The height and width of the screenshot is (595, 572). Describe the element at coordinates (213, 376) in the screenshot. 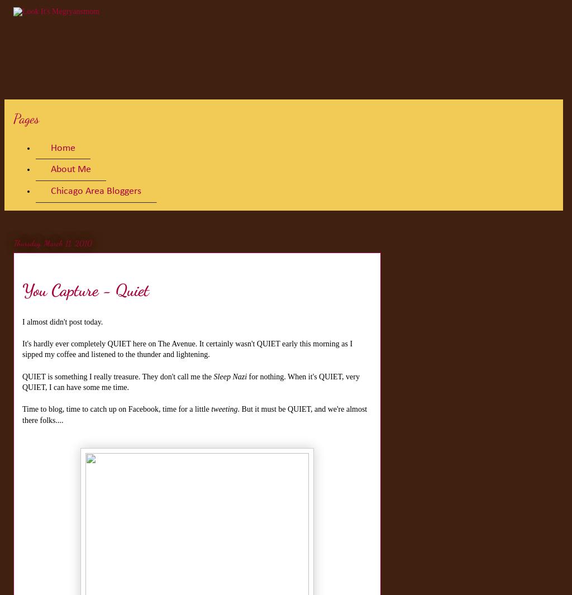

I see `'Sleep Nazi'` at that location.